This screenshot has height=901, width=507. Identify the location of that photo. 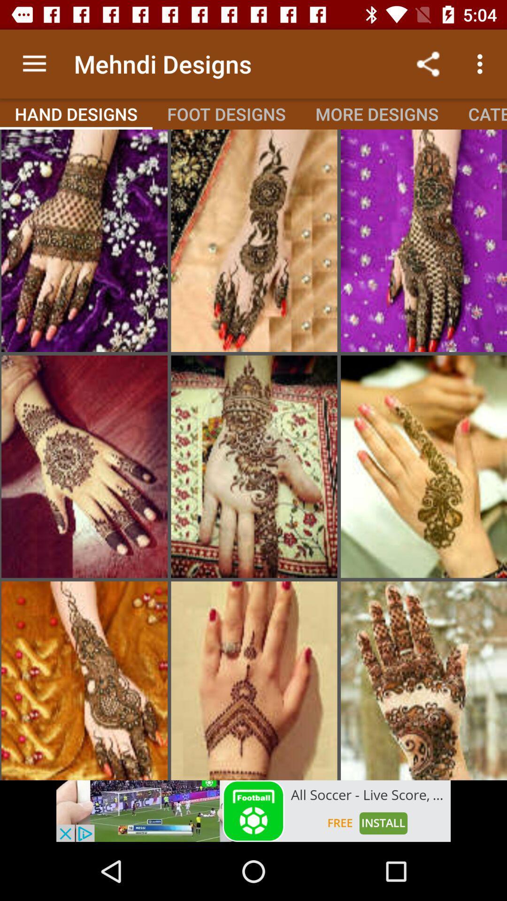
(423, 466).